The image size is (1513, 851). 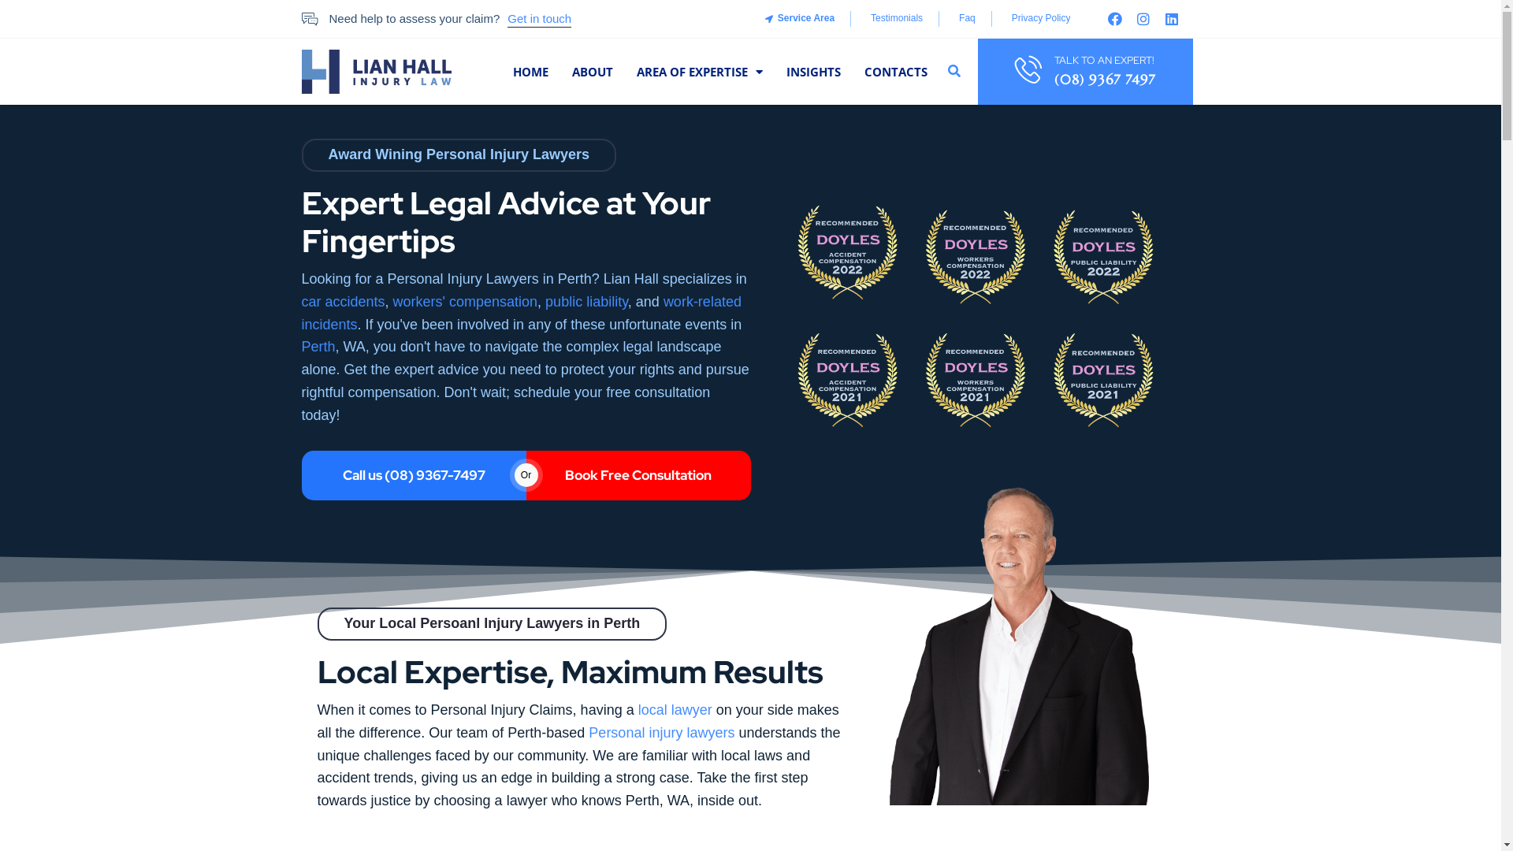 What do you see at coordinates (464, 301) in the screenshot?
I see `'workers' compensation'` at bounding box center [464, 301].